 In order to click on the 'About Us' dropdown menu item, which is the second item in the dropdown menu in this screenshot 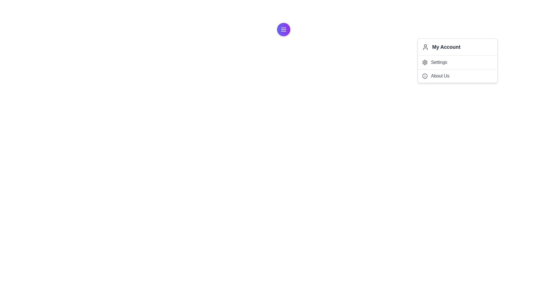, I will do `click(457, 76)`.